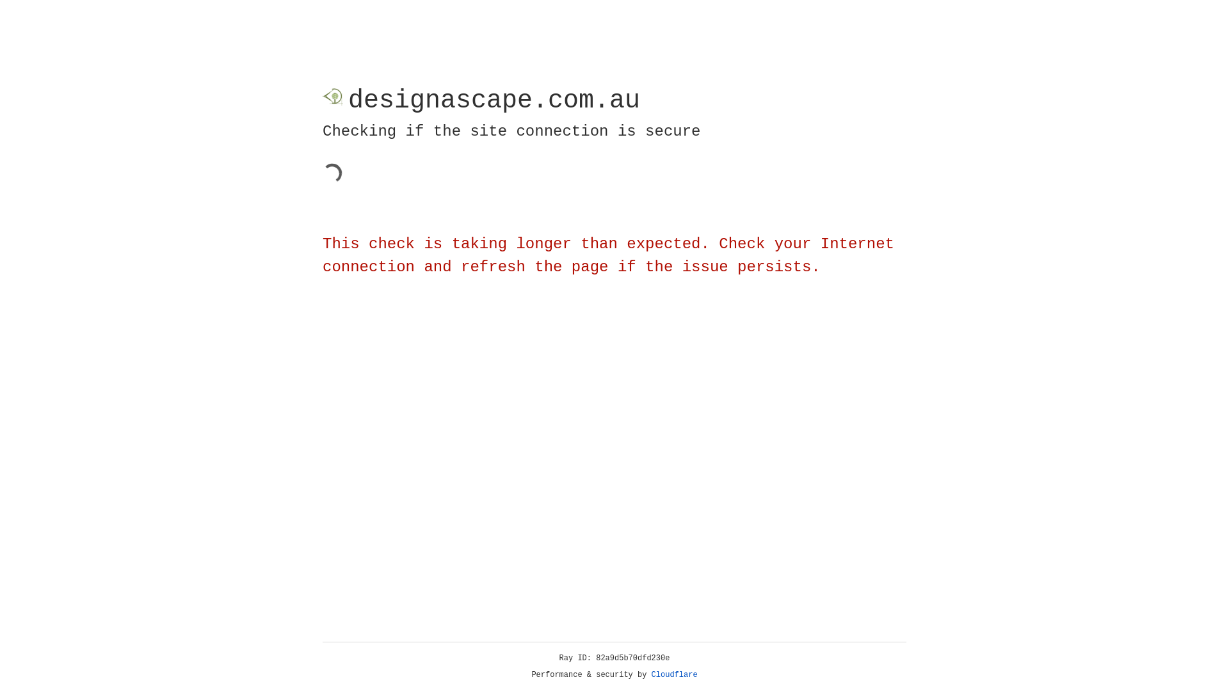  What do you see at coordinates (651, 674) in the screenshot?
I see `'Cloudflare'` at bounding box center [651, 674].